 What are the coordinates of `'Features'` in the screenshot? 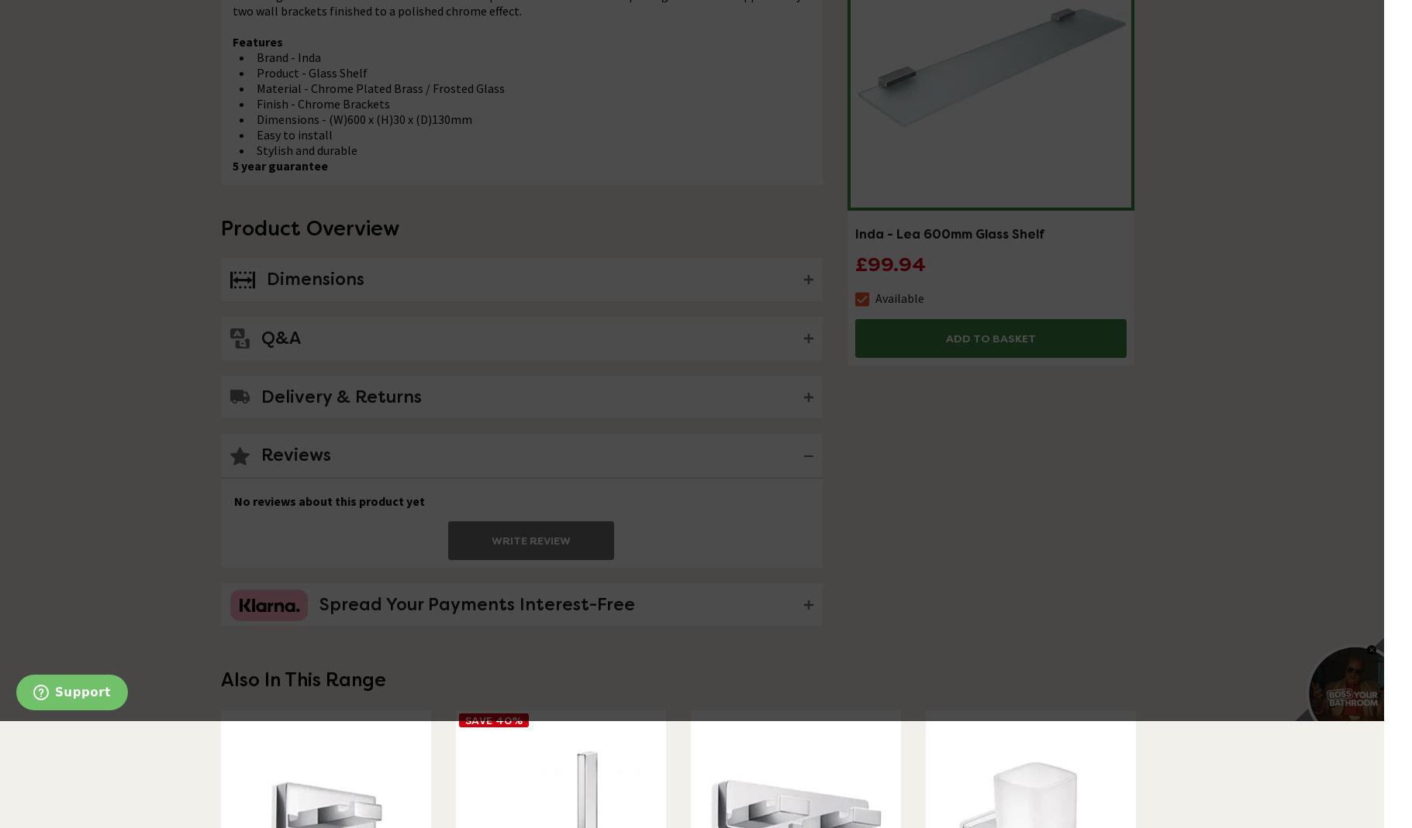 It's located at (256, 40).